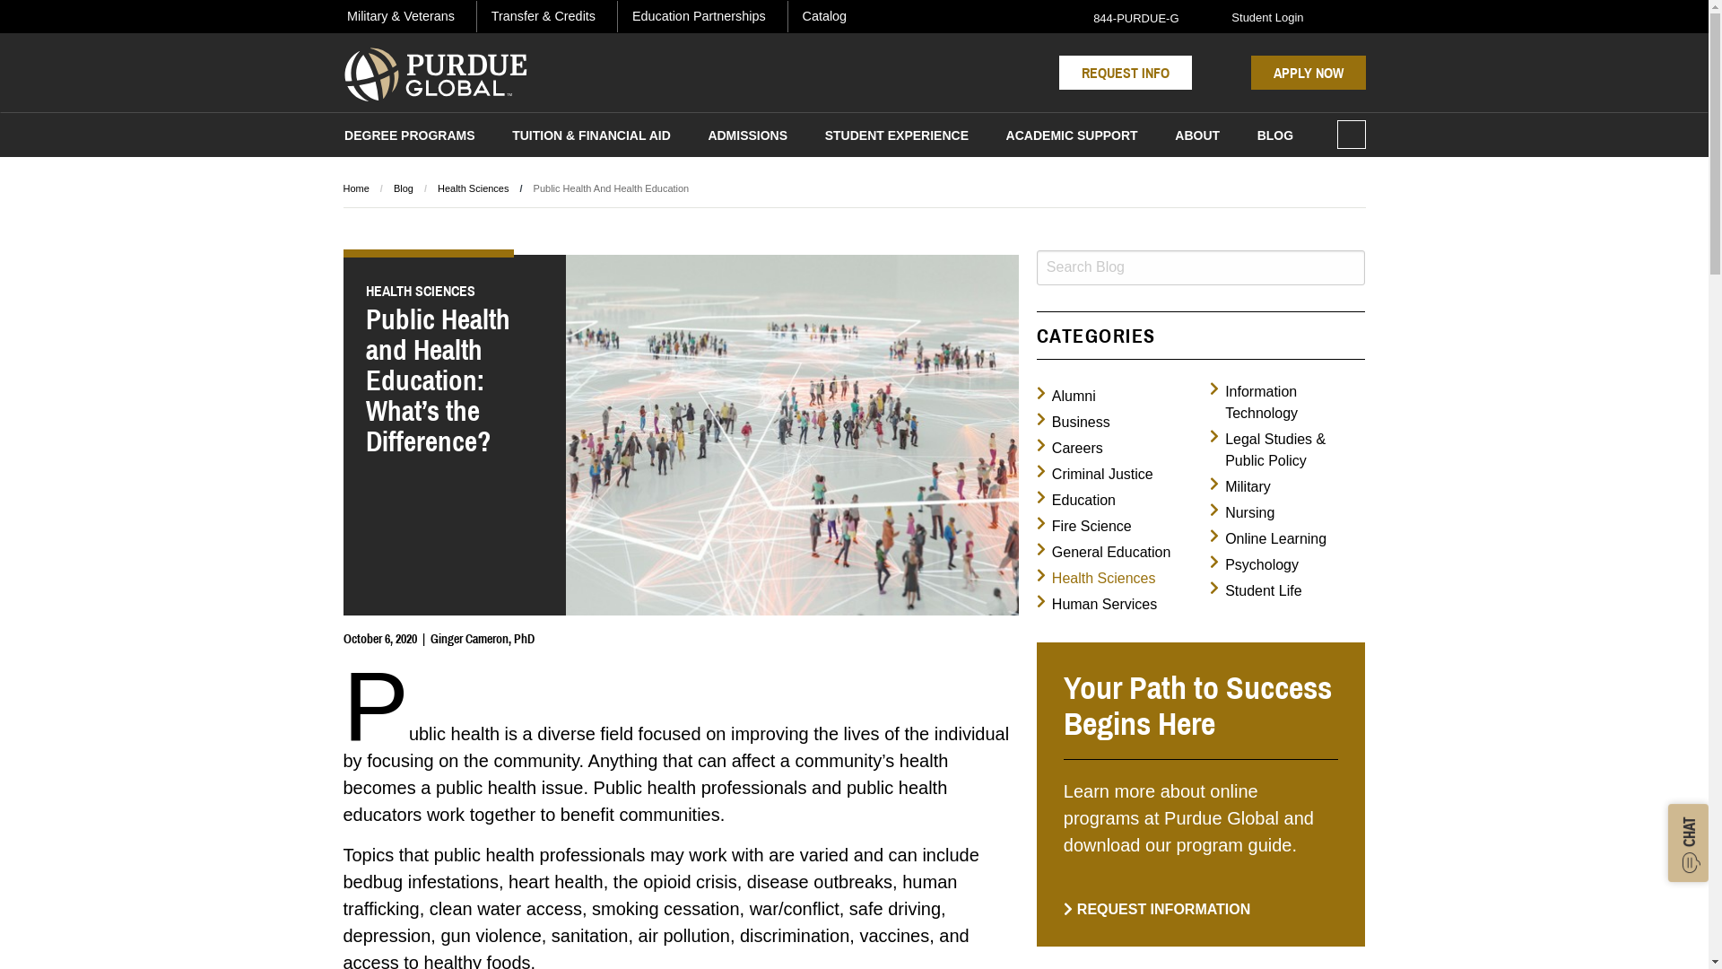 Image resolution: width=1722 pixels, height=969 pixels. What do you see at coordinates (1248, 72) in the screenshot?
I see `'APPLY NOW'` at bounding box center [1248, 72].